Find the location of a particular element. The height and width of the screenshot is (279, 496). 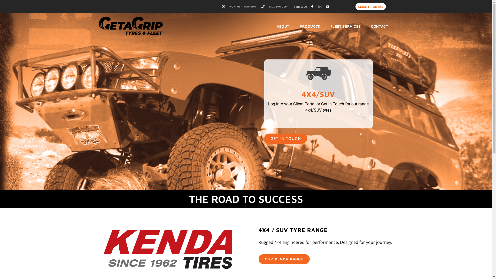

'GET IN TOUCH' is located at coordinates (285, 138).